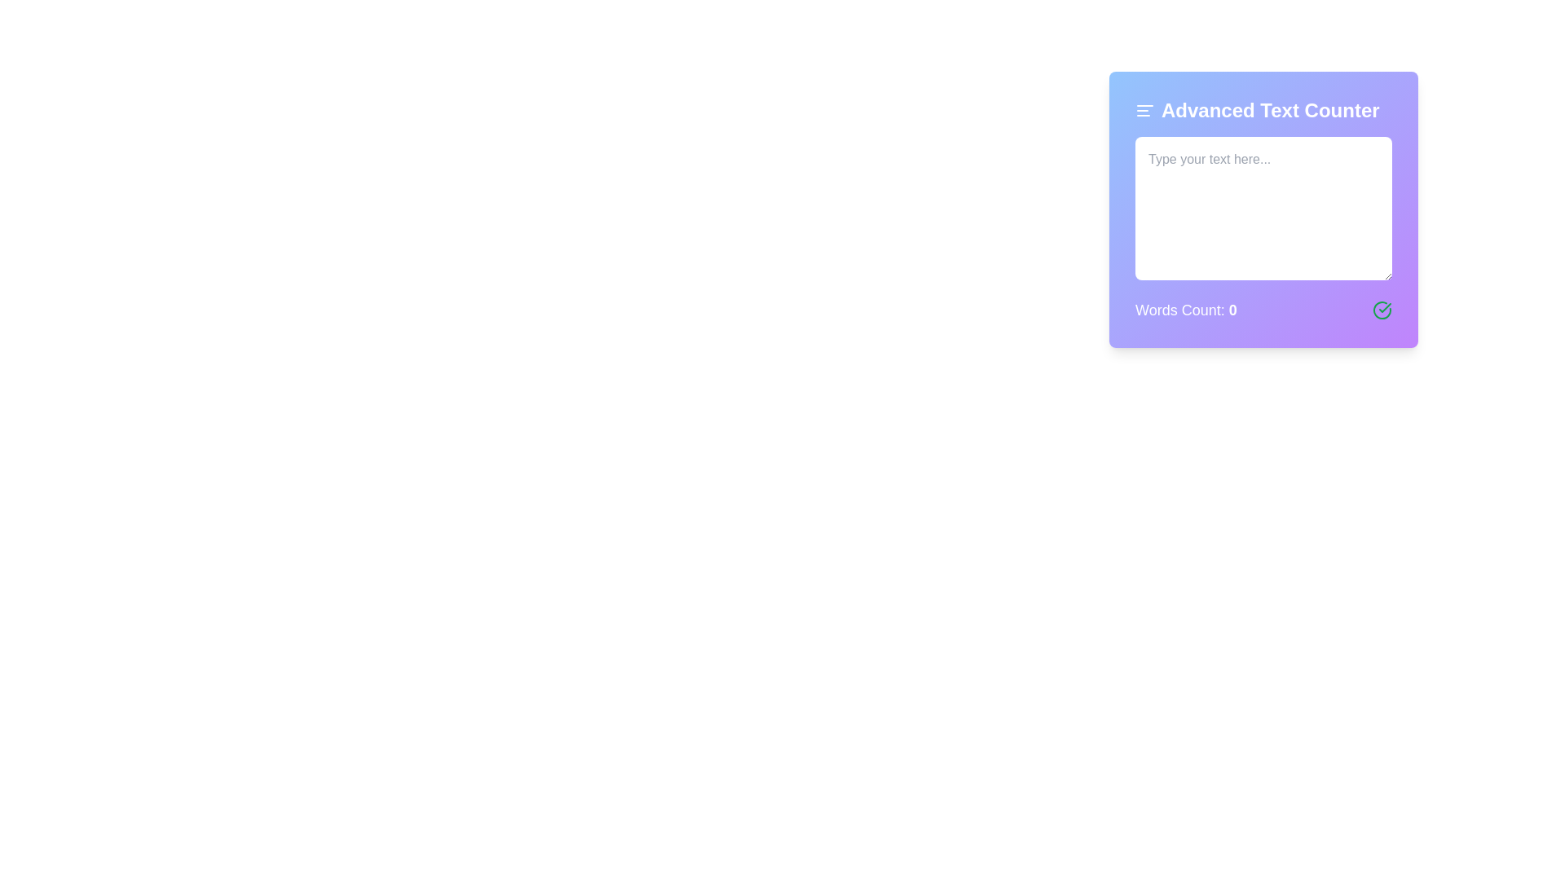 This screenshot has width=1565, height=880. Describe the element at coordinates (1232, 310) in the screenshot. I see `the Text label that displays the current count of words inputted, located directly to the right of the 'Words Count:' label in the bottom-left region of the visible card interface` at that location.